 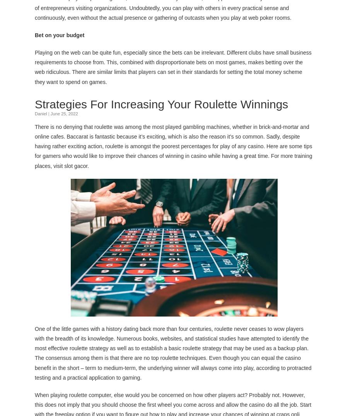 What do you see at coordinates (87, 164) in the screenshot?
I see `'.'` at bounding box center [87, 164].